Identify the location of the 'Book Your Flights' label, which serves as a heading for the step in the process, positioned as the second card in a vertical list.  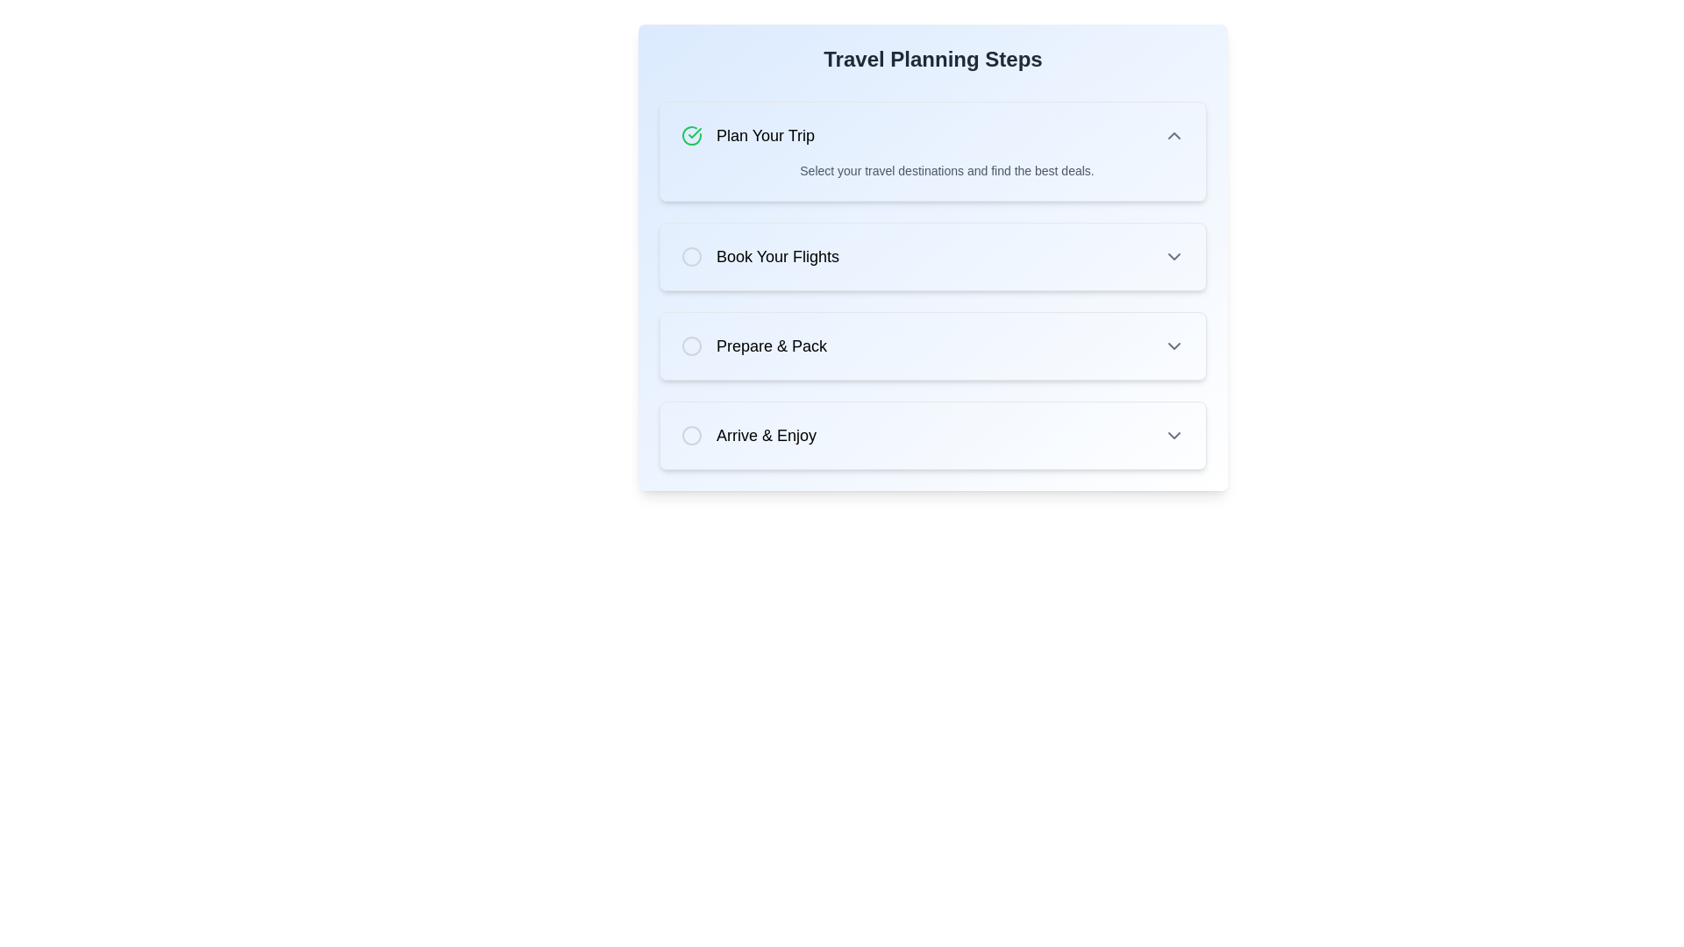
(760, 257).